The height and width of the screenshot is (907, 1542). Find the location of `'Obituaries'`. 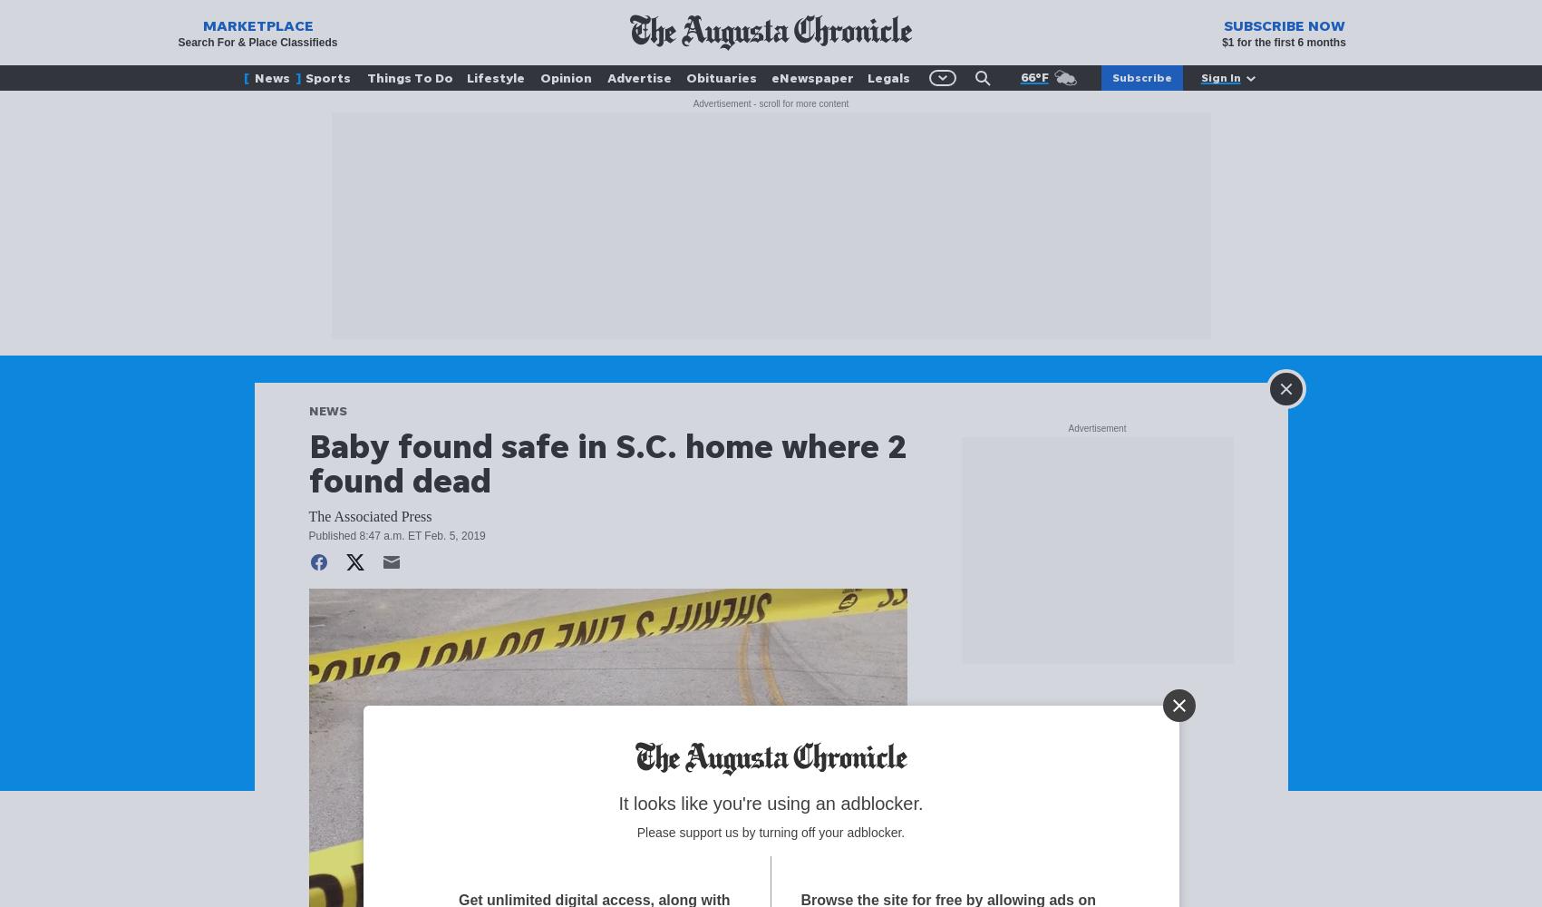

'Obituaries' is located at coordinates (721, 76).